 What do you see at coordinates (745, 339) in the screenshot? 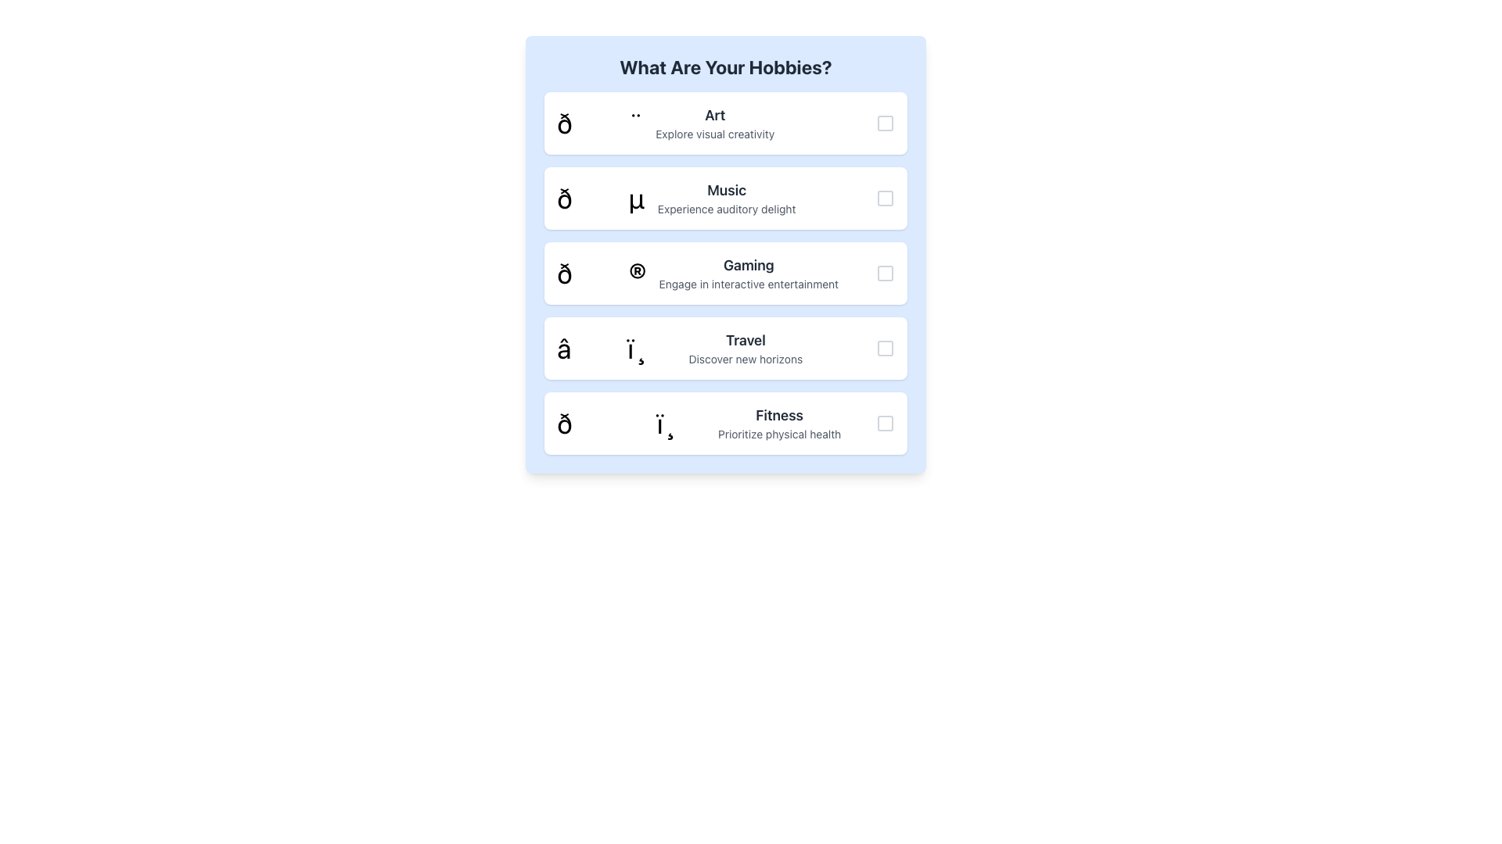
I see `the text label displaying 'Travel', which is styled in bold and located in the fourth position of the hobby options list on a white card with a light blue background` at bounding box center [745, 339].